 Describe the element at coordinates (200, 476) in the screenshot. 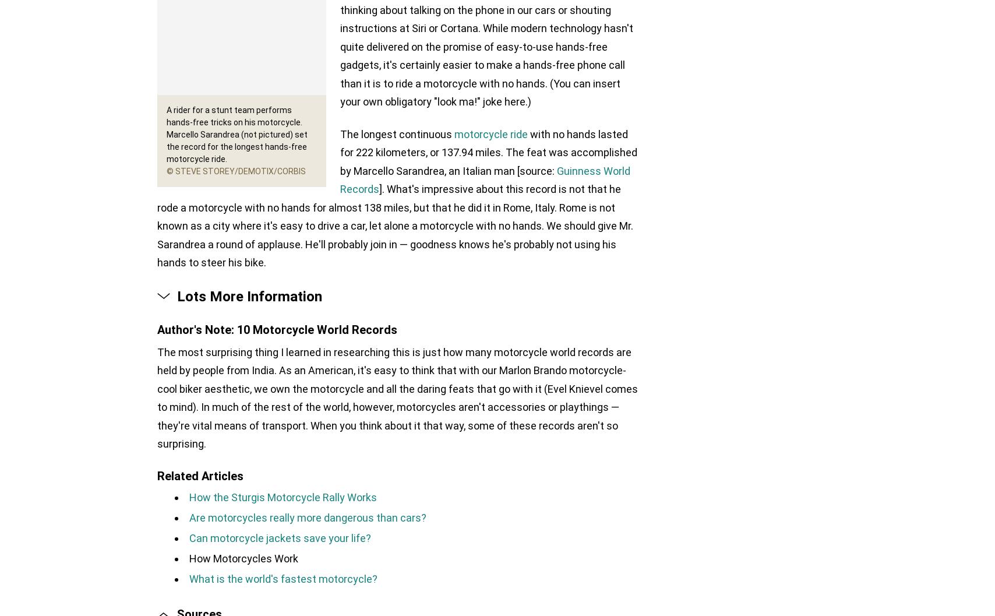

I see `'Related Articles'` at that location.